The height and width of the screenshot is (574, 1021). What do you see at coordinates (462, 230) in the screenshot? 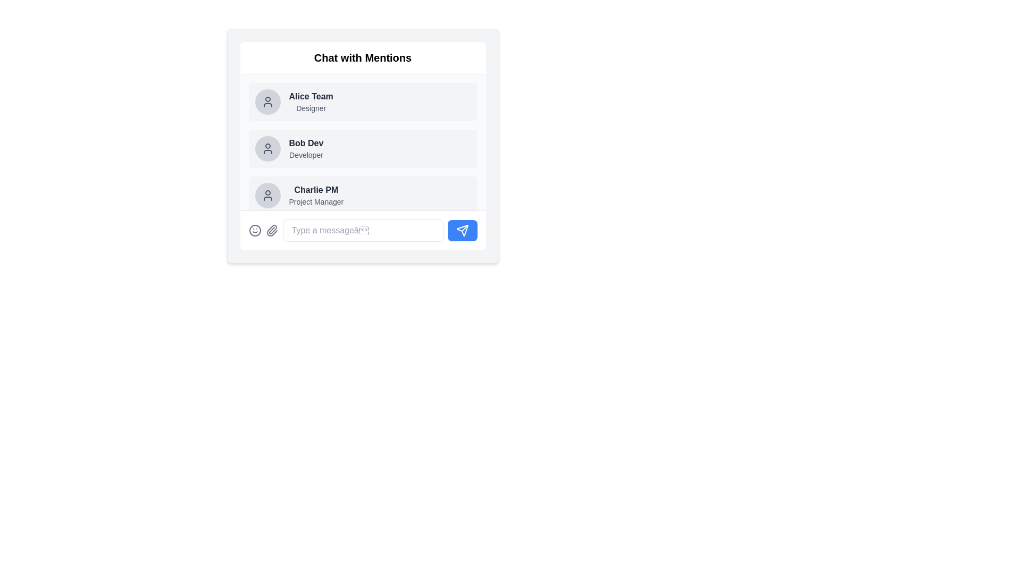
I see `the triangular 'Send' icon within the blue 'Send' button located at the bottom-right corner of the chat interface to send a message` at bounding box center [462, 230].